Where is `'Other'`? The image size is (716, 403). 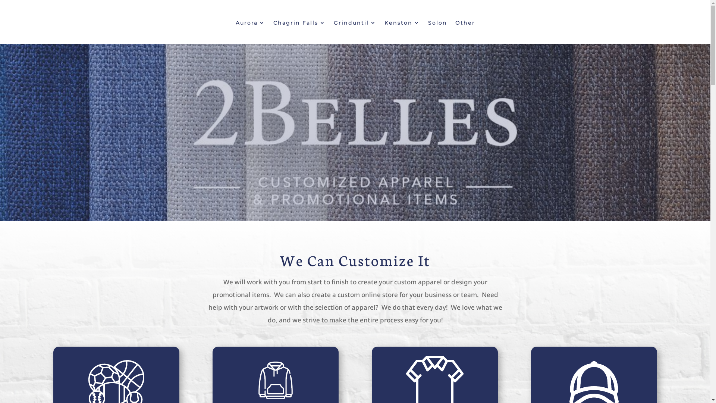 'Other' is located at coordinates (464, 24).